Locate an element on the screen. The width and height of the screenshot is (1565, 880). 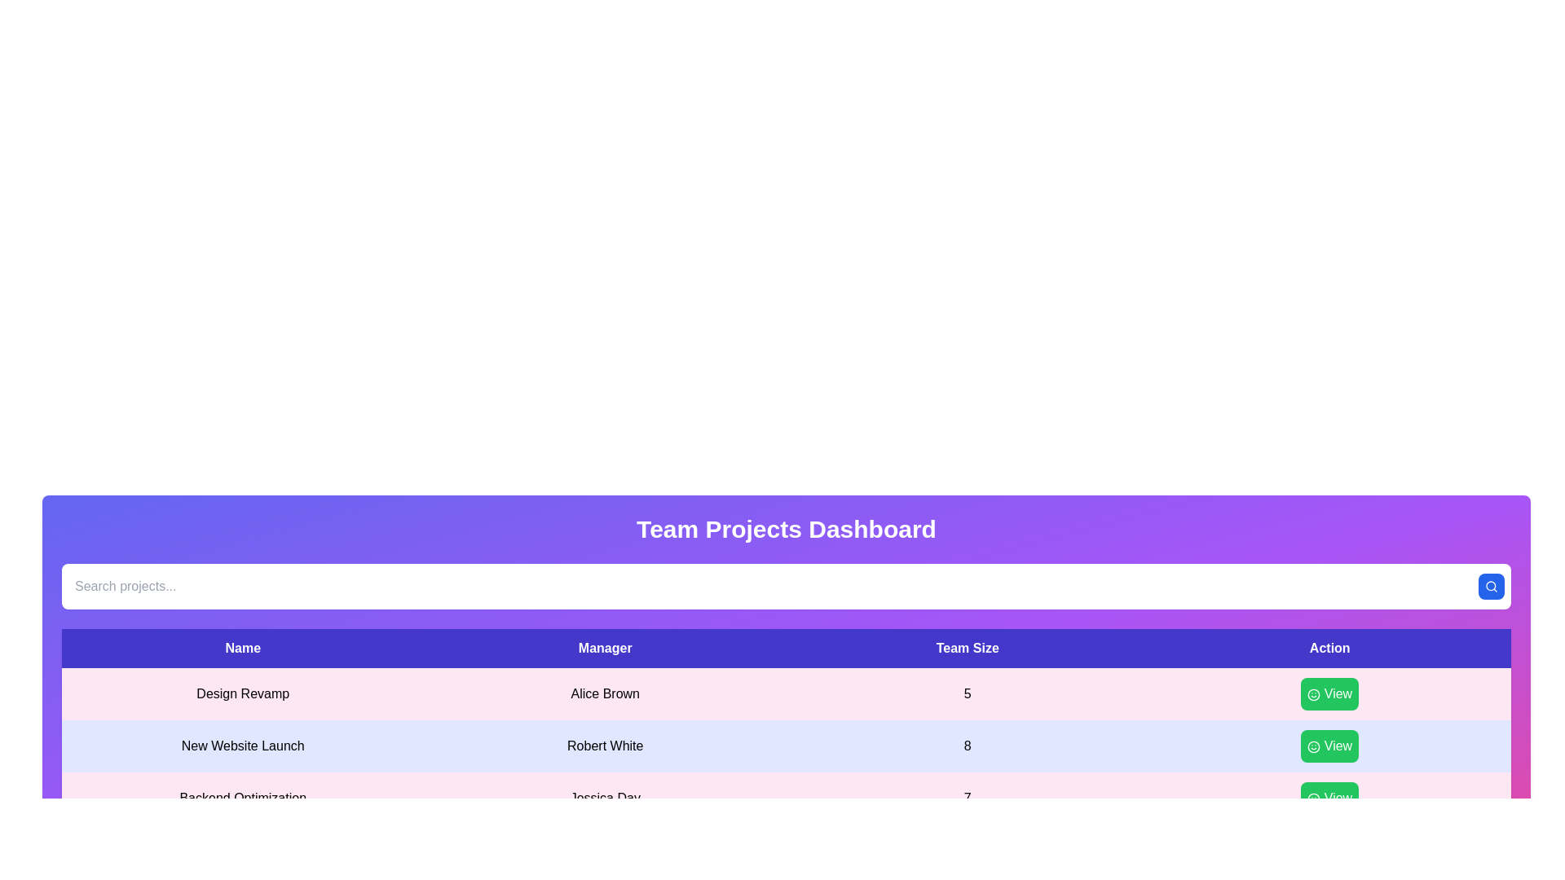
the circular outline of the smiley icon located near the top-right corner of the action buttons section in the user interface is located at coordinates (1314, 694).